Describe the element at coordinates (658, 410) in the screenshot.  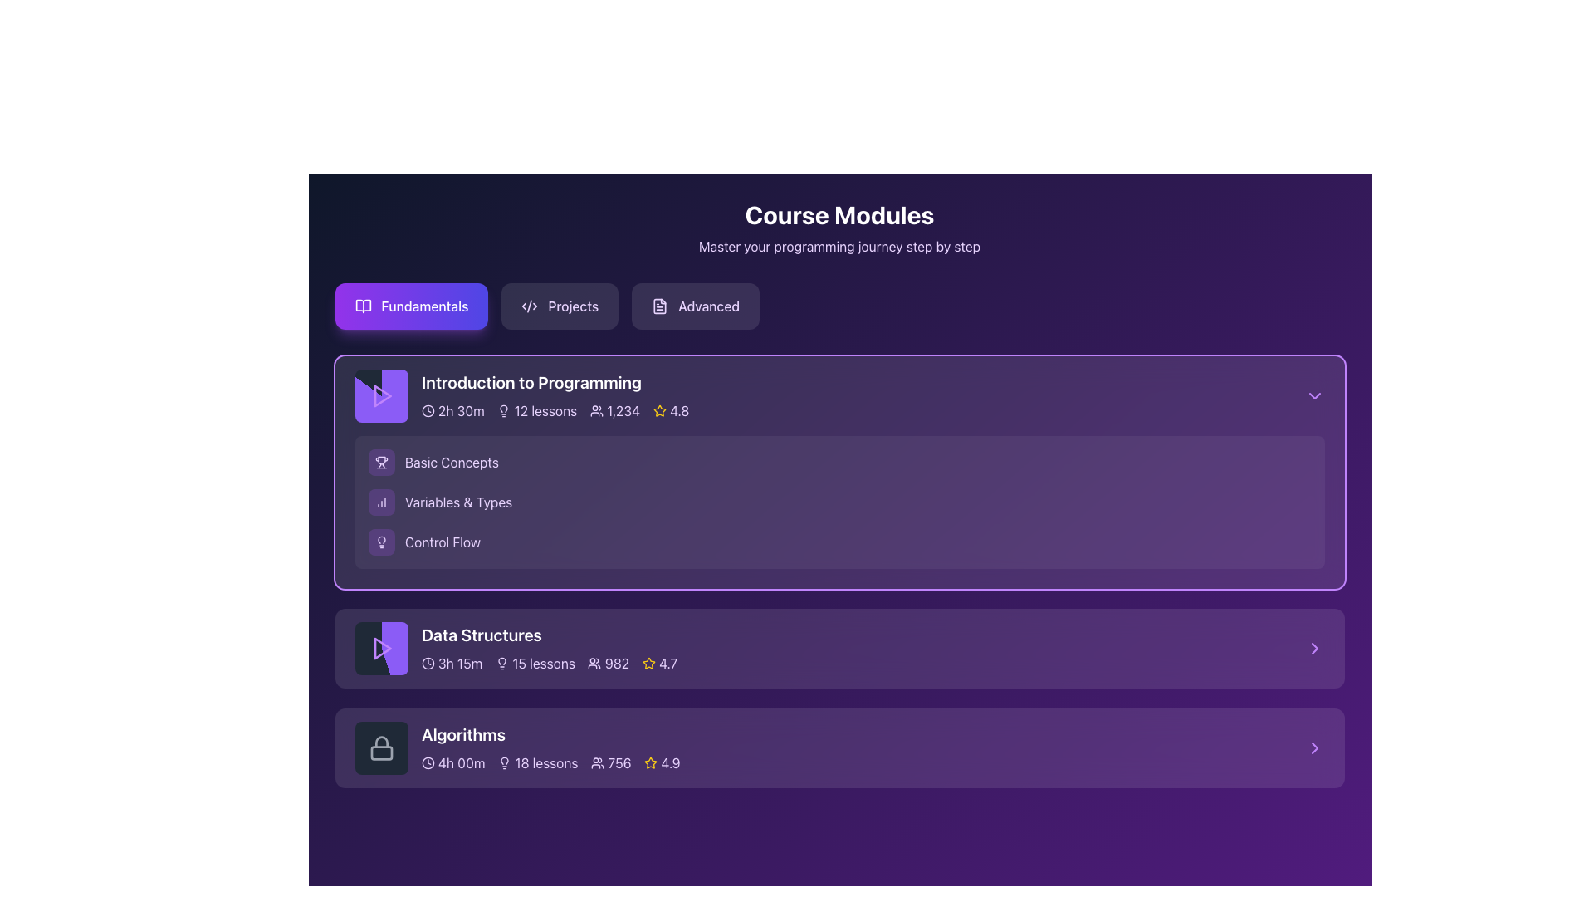
I see `the yellow star-shaped icon located adjacent to the rating score '4.8' in the top course module section` at that location.